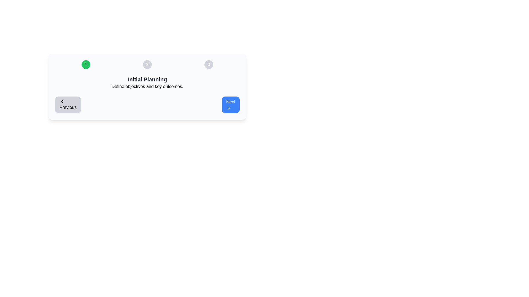  What do you see at coordinates (209, 64) in the screenshot?
I see `the third button on the right, which serves as an indicator for the third step in a multi-step process` at bounding box center [209, 64].